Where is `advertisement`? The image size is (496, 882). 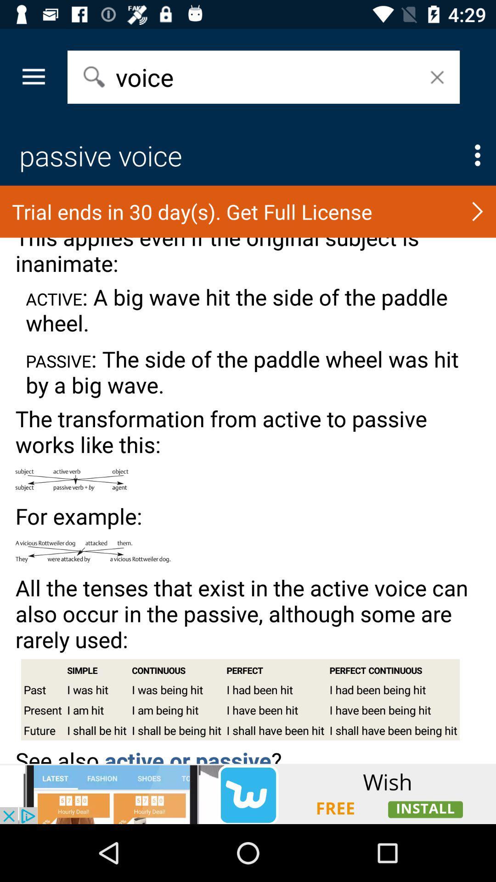 advertisement is located at coordinates (248, 793).